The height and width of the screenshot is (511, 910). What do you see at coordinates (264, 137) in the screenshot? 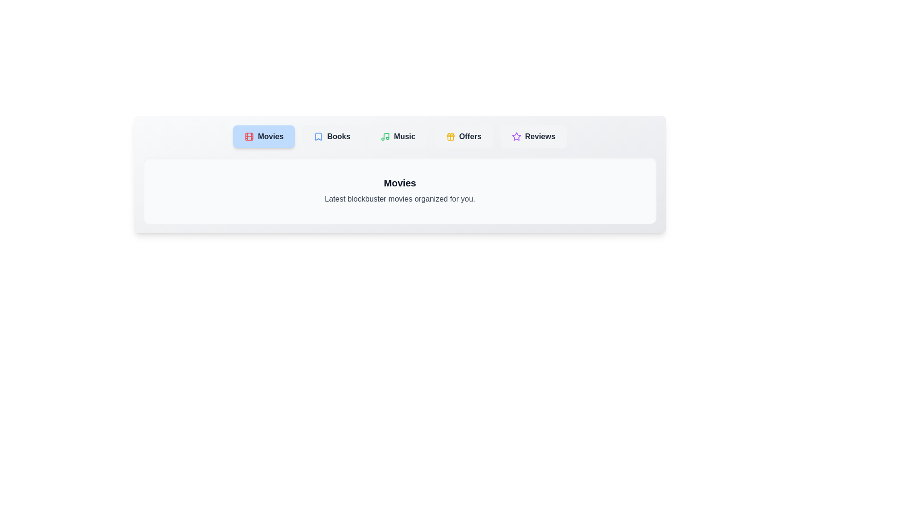
I see `the Movies tab by clicking on its button` at bounding box center [264, 137].